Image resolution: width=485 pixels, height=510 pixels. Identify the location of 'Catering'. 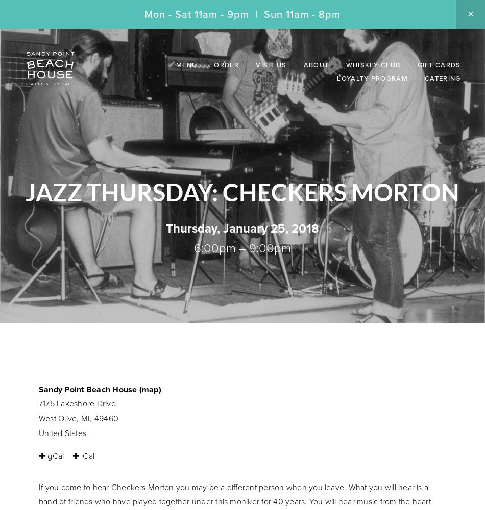
(442, 78).